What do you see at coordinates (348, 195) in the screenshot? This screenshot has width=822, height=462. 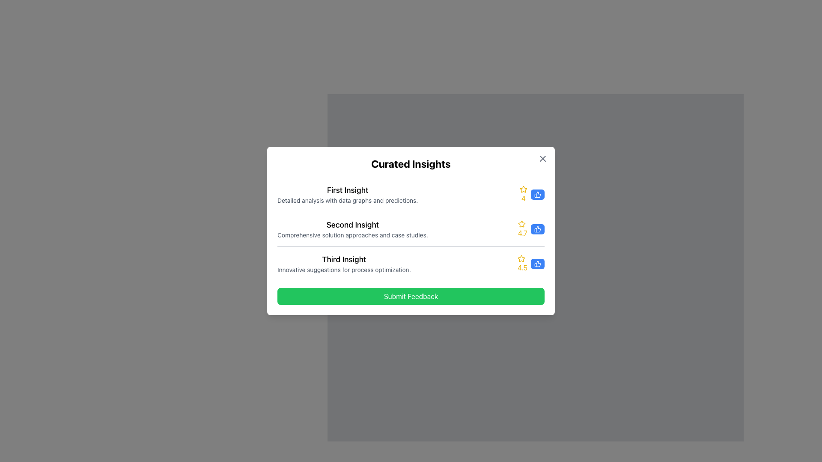 I see `the text in the Text Block that provides a heading and descriptive information about the first insight in the list within the 'Curated Insights' modal dialog` at bounding box center [348, 195].